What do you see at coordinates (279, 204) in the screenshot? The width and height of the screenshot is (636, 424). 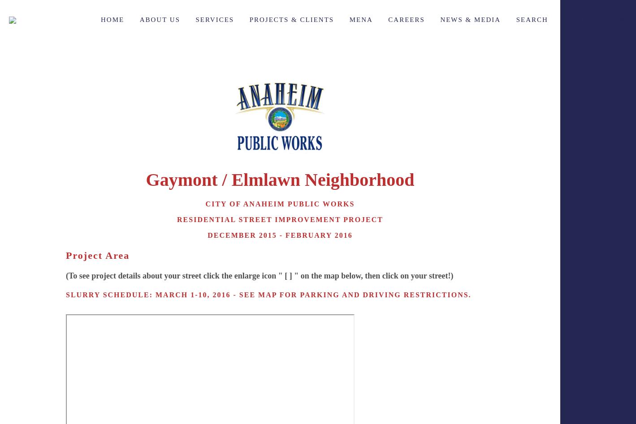 I see `'city of anaheim public works'` at bounding box center [279, 204].